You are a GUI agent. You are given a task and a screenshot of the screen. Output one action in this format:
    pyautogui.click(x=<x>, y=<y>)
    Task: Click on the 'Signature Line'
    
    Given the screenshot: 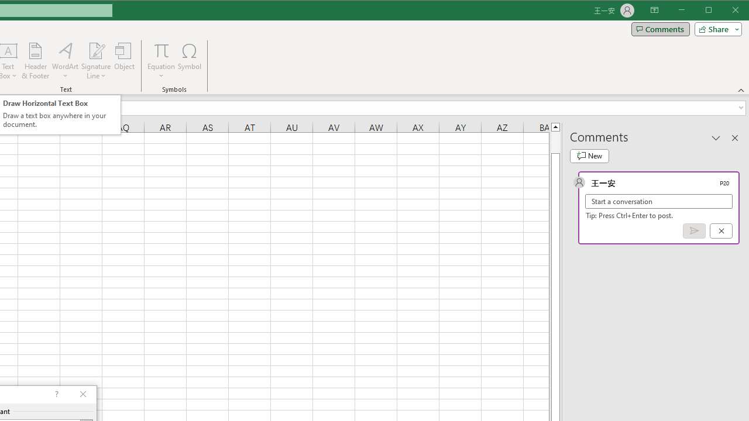 What is the action you would take?
    pyautogui.click(x=96, y=50)
    